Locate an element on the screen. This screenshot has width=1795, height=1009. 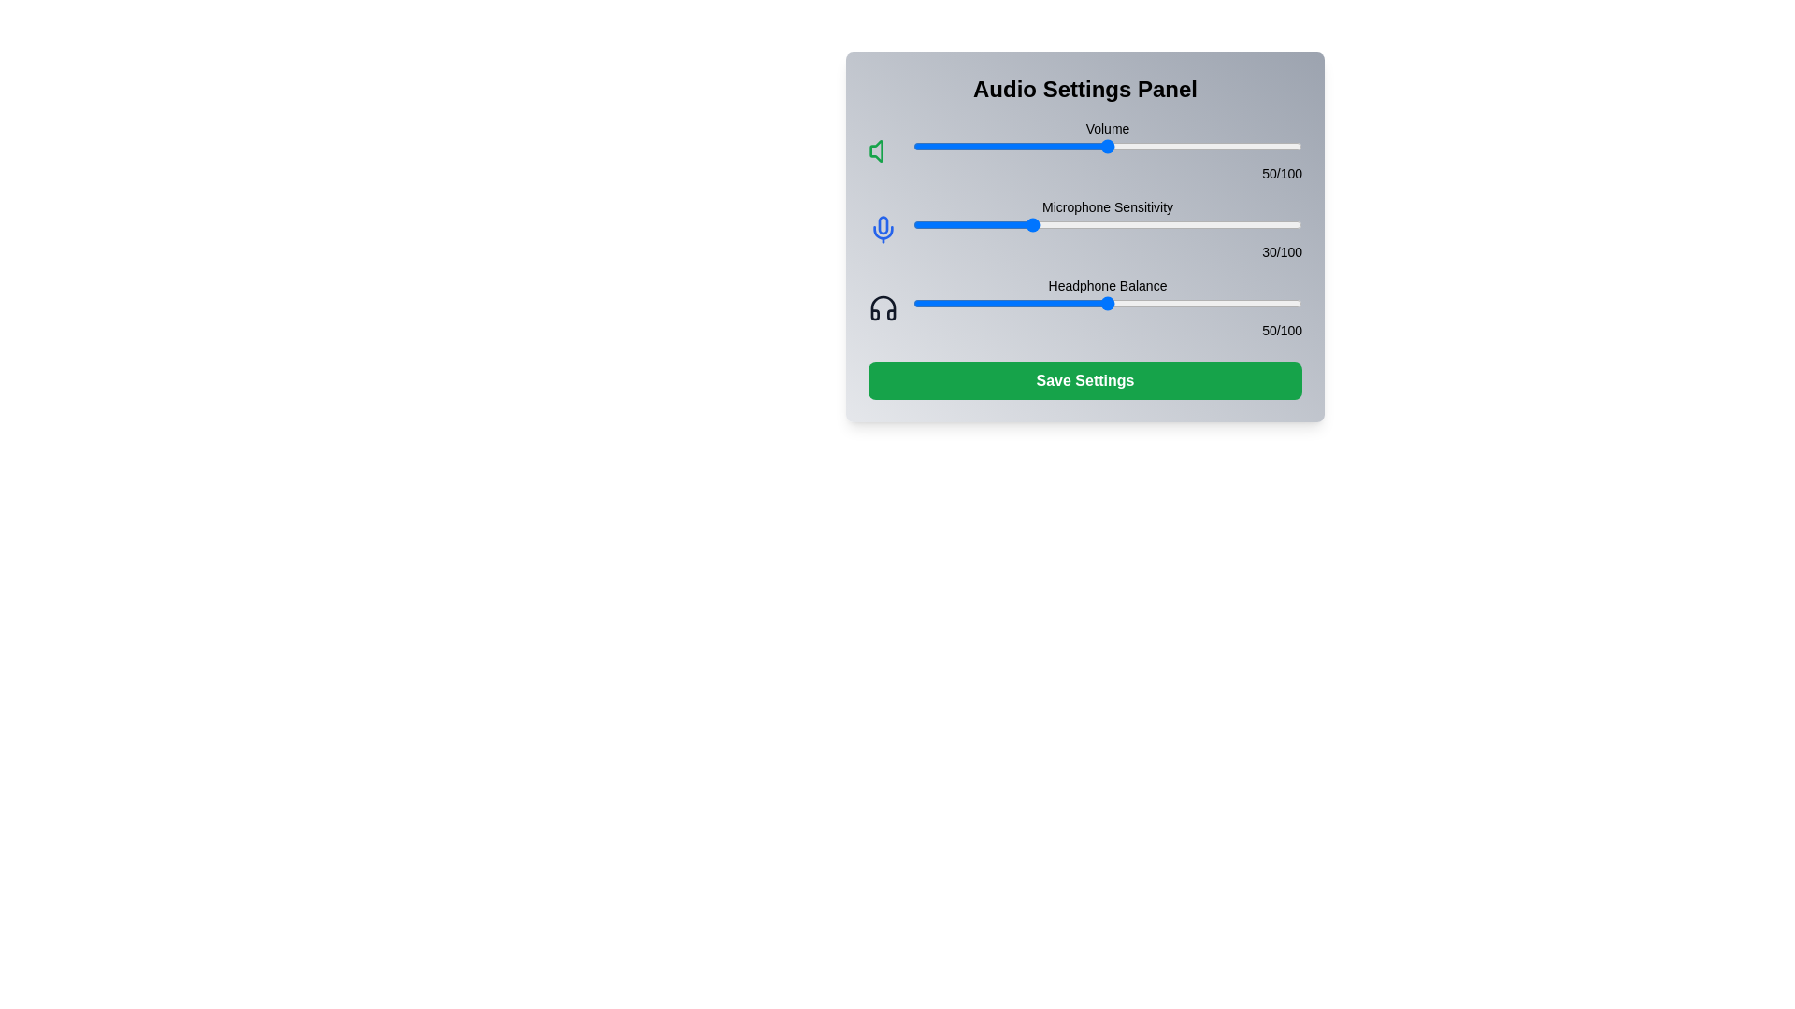
the headphone balance is located at coordinates (952, 302).